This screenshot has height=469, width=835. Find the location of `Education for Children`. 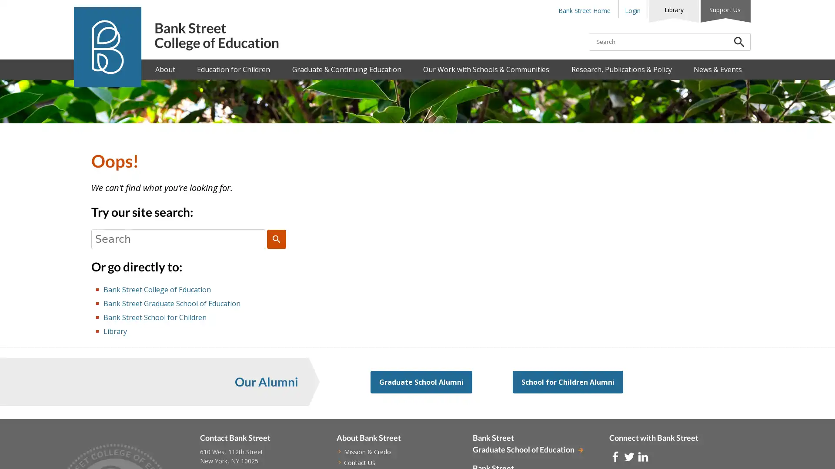

Education for Children is located at coordinates (234, 69).